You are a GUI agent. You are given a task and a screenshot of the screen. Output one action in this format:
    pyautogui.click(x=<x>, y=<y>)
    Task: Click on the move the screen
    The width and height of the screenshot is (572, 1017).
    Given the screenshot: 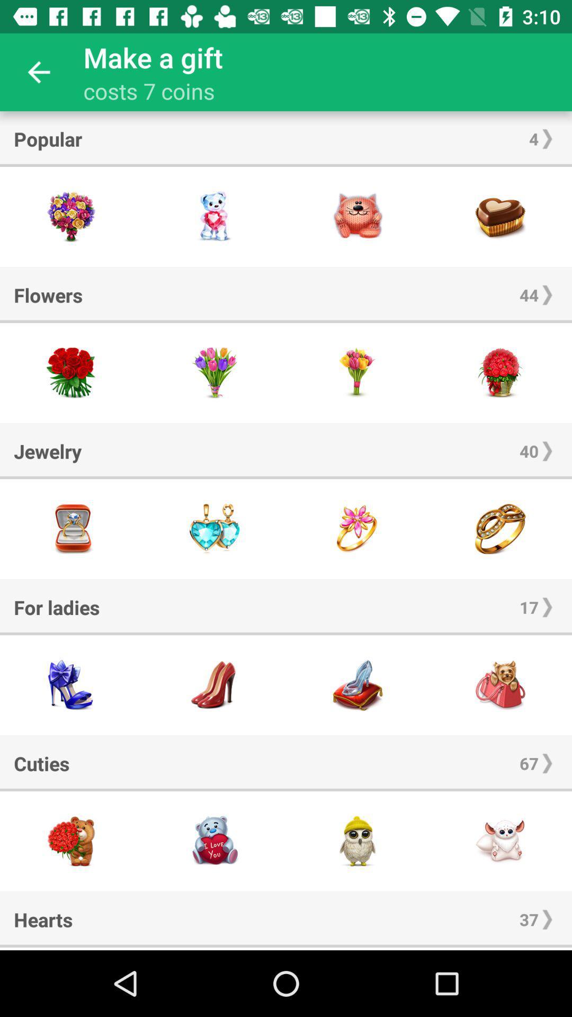 What is the action you would take?
    pyautogui.click(x=215, y=949)
    